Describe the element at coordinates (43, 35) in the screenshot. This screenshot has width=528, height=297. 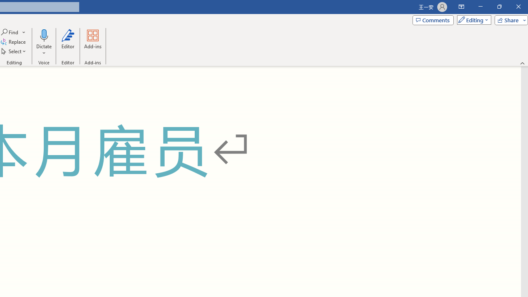
I see `'Dictate'` at that location.